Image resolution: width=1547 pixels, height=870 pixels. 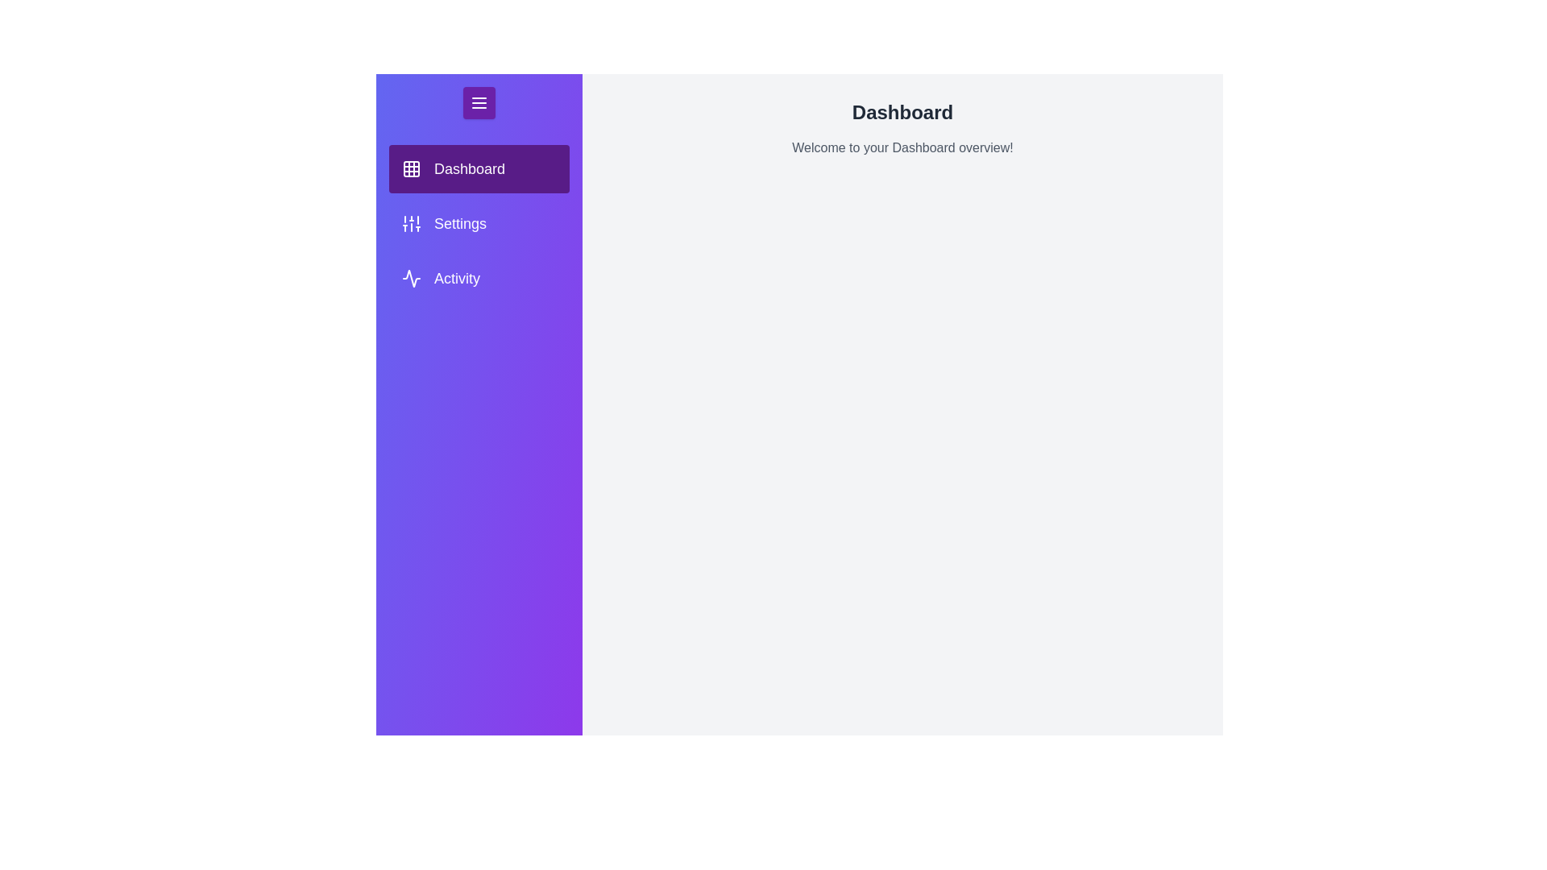 What do you see at coordinates (479, 102) in the screenshot?
I see `menu button to toggle the drawer visibility` at bounding box center [479, 102].